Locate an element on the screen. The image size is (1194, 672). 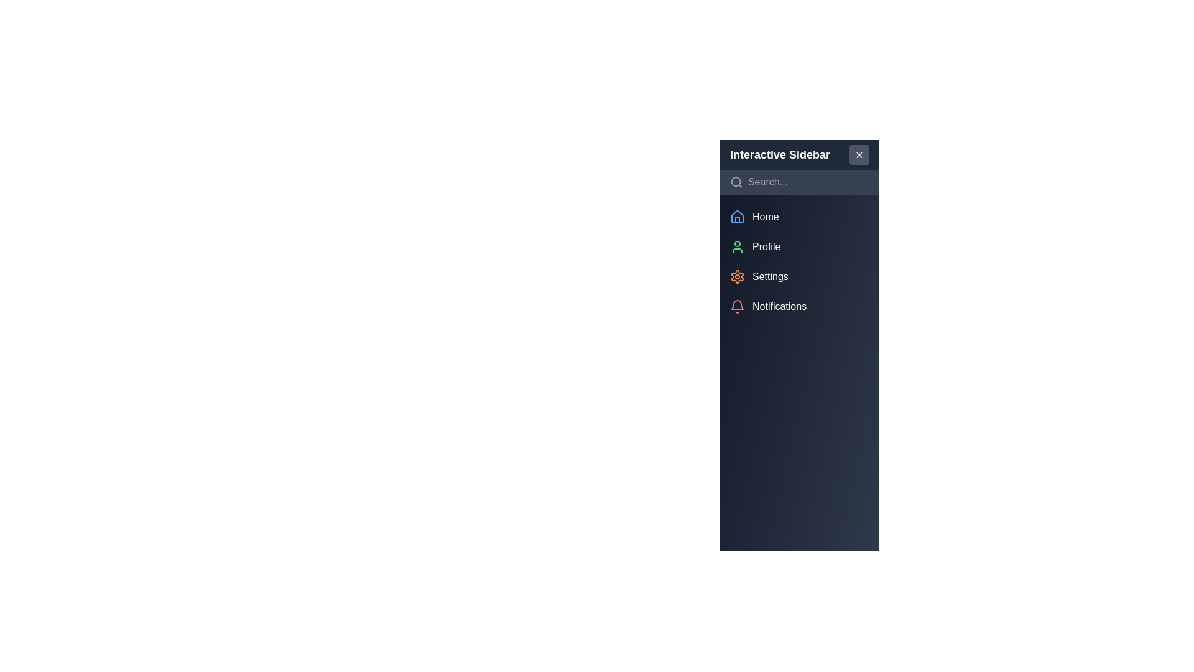
the blue house icon located next to the 'Home' text in the sidebar, which is part of the first item in the vertical list of sidebar options is located at coordinates (737, 216).